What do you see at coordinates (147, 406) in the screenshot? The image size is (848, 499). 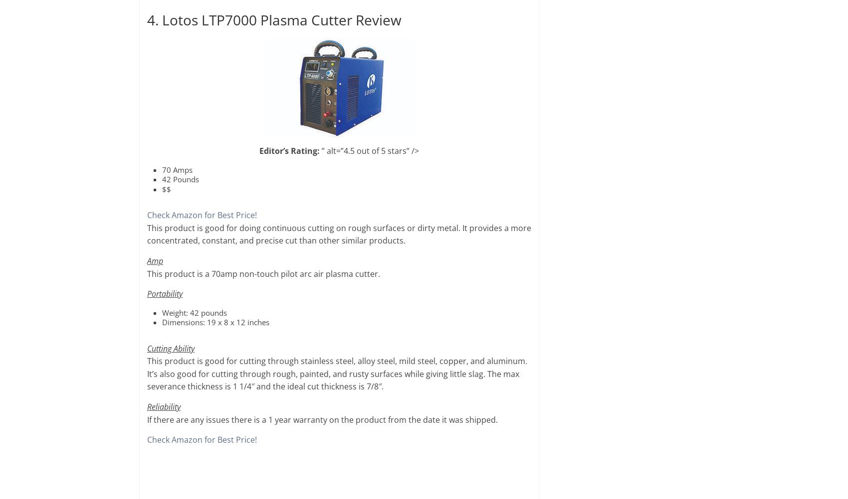 I see `'Reliability'` at bounding box center [147, 406].